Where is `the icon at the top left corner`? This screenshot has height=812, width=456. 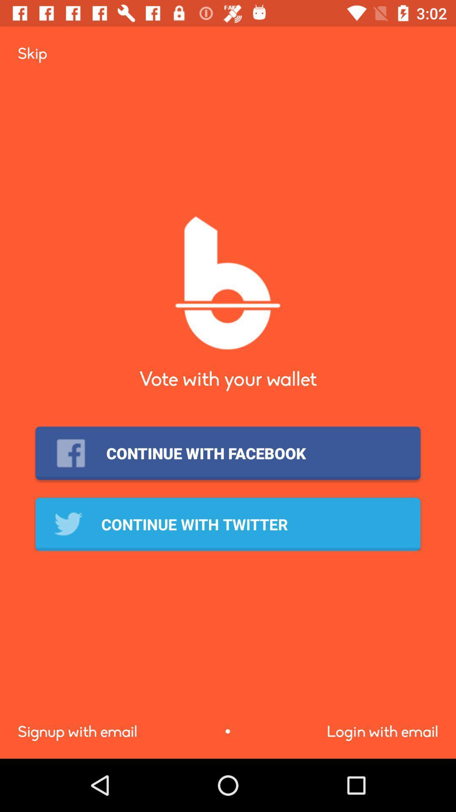
the icon at the top left corner is located at coordinates (32, 53).